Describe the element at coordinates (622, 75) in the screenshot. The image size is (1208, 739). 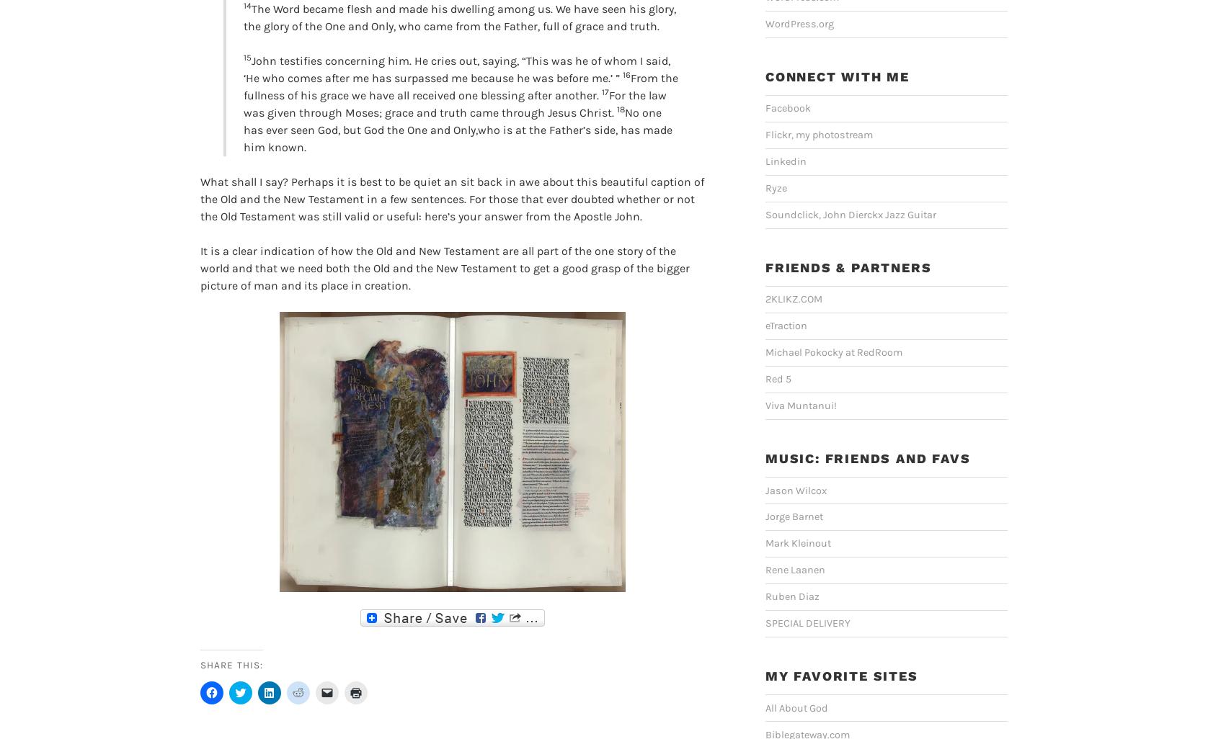
I see `'16'` at that location.